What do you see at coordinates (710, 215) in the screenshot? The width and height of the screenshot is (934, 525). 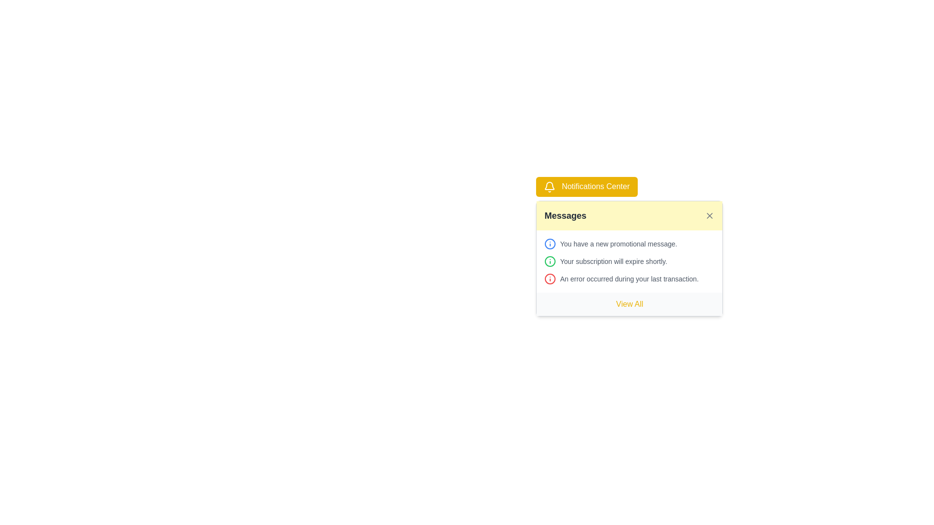 I see `the close or dismiss icon located in the top-right corner of the 'Messages' panel` at bounding box center [710, 215].